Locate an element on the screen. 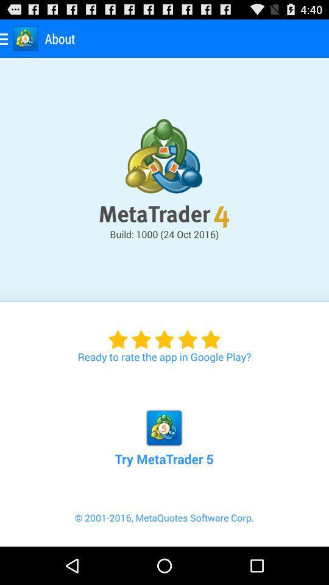 Image resolution: width=329 pixels, height=585 pixels. ready to rate is located at coordinates (164, 333).